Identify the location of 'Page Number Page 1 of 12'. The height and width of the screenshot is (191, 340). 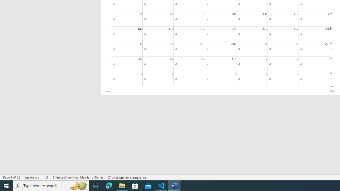
(11, 177).